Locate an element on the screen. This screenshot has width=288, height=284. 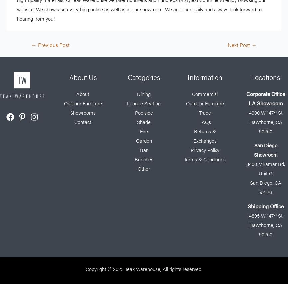
'About Us' is located at coordinates (82, 76).